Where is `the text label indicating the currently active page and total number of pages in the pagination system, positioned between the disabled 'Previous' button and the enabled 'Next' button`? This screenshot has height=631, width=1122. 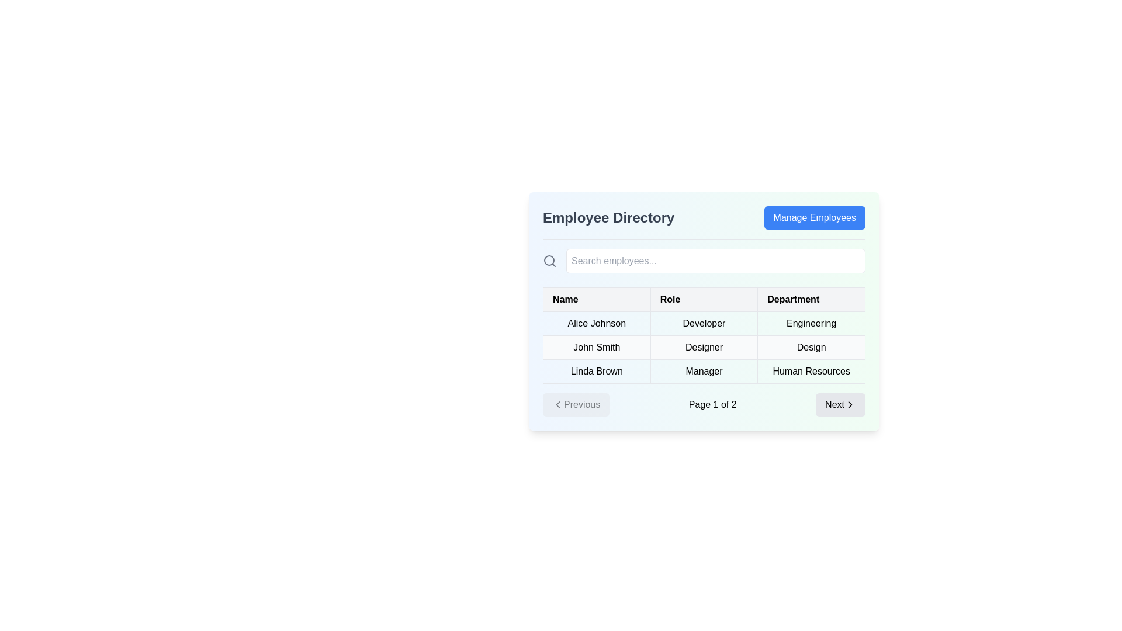 the text label indicating the currently active page and total number of pages in the pagination system, positioned between the disabled 'Previous' button and the enabled 'Next' button is located at coordinates (712, 404).